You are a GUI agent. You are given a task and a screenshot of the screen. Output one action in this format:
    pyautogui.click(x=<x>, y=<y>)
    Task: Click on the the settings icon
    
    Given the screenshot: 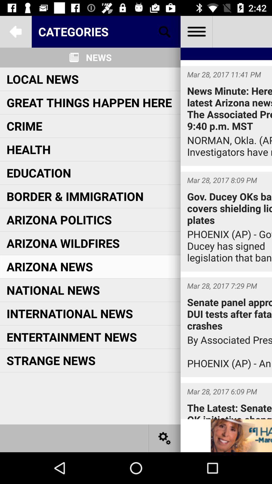 What is the action you would take?
    pyautogui.click(x=165, y=438)
    